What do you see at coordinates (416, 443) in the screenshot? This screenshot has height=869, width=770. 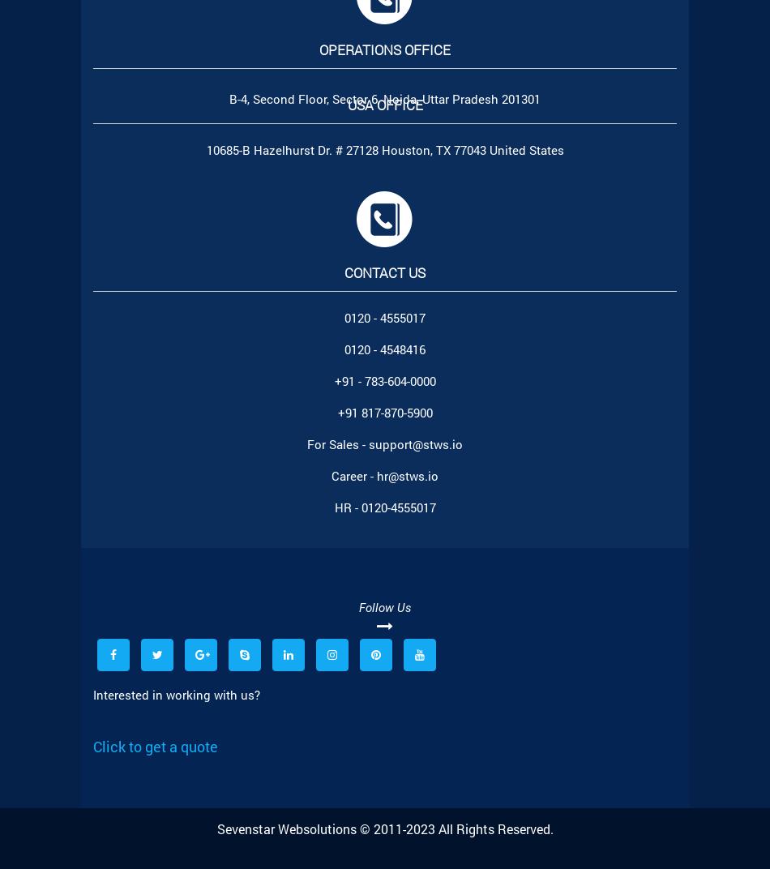 I see `'support@stws.io'` at bounding box center [416, 443].